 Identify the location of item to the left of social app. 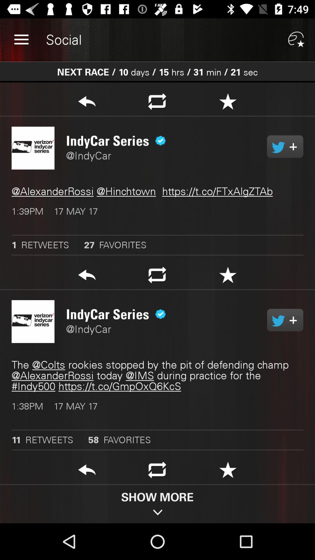
(21, 39).